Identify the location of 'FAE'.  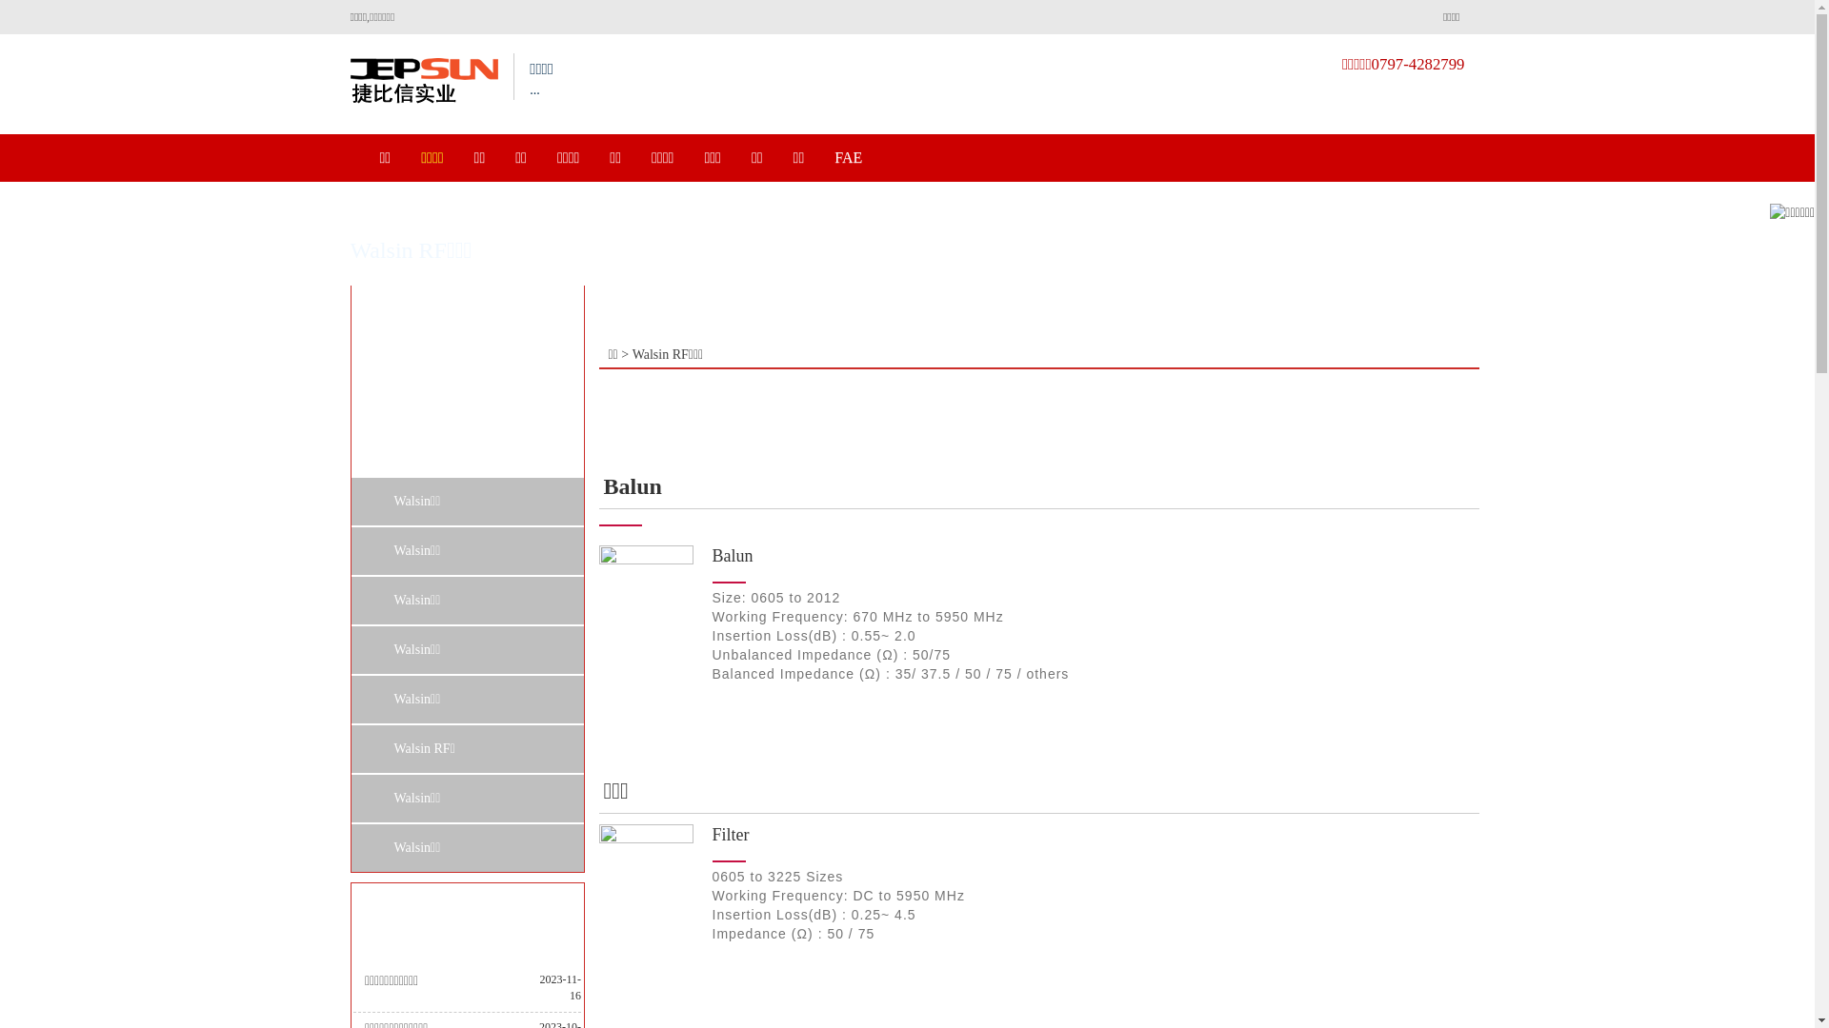
(847, 156).